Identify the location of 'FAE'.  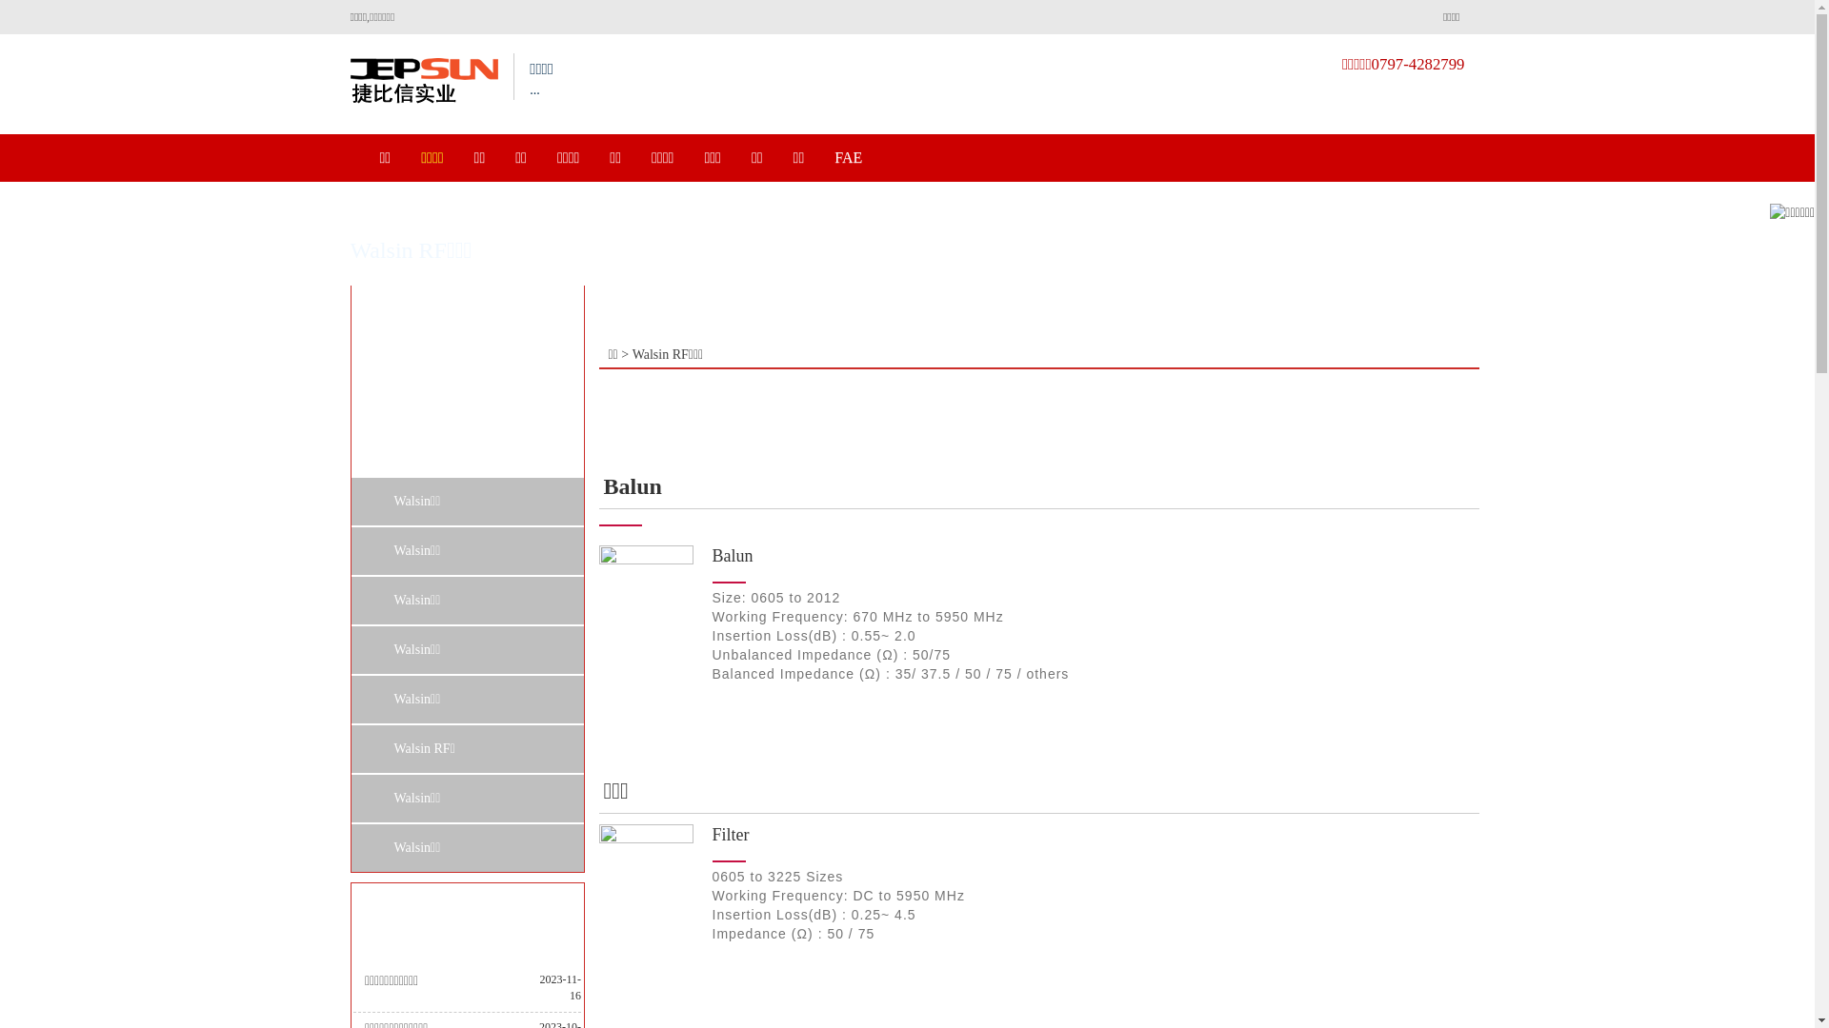
(847, 156).